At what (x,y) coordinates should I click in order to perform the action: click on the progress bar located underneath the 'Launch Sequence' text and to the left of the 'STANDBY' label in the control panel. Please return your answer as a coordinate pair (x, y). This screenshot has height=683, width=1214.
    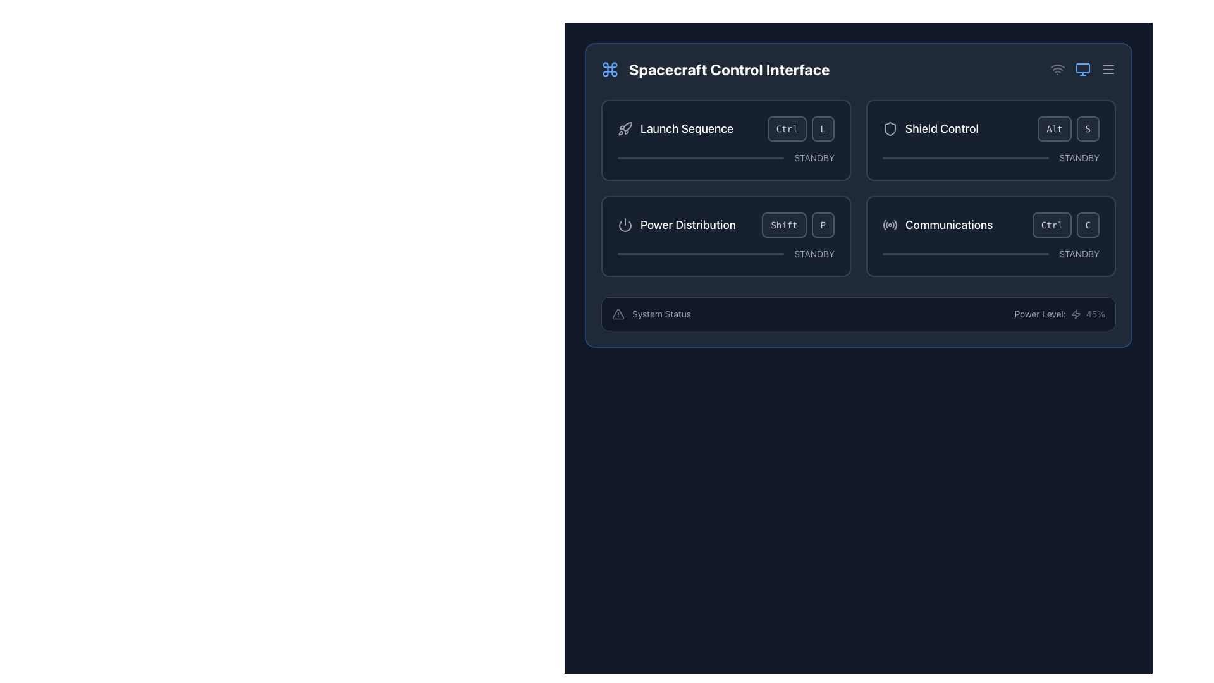
    Looking at the image, I should click on (700, 157).